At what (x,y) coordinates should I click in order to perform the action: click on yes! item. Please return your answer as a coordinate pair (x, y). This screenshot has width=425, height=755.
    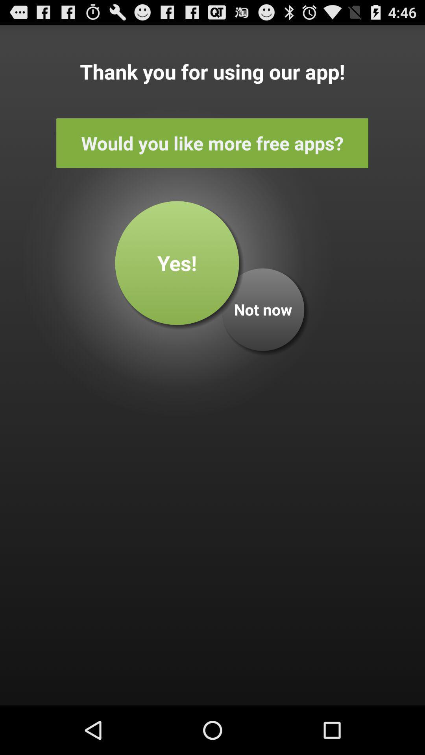
    Looking at the image, I should click on (177, 263).